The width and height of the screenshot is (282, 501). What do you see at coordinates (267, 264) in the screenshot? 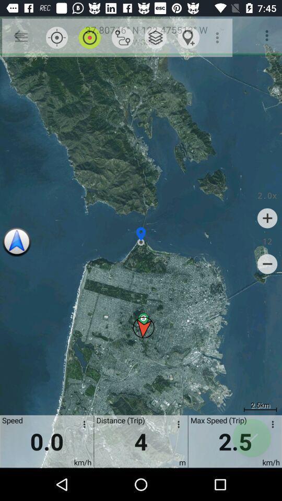
I see `the item above 2.5 item` at bounding box center [267, 264].